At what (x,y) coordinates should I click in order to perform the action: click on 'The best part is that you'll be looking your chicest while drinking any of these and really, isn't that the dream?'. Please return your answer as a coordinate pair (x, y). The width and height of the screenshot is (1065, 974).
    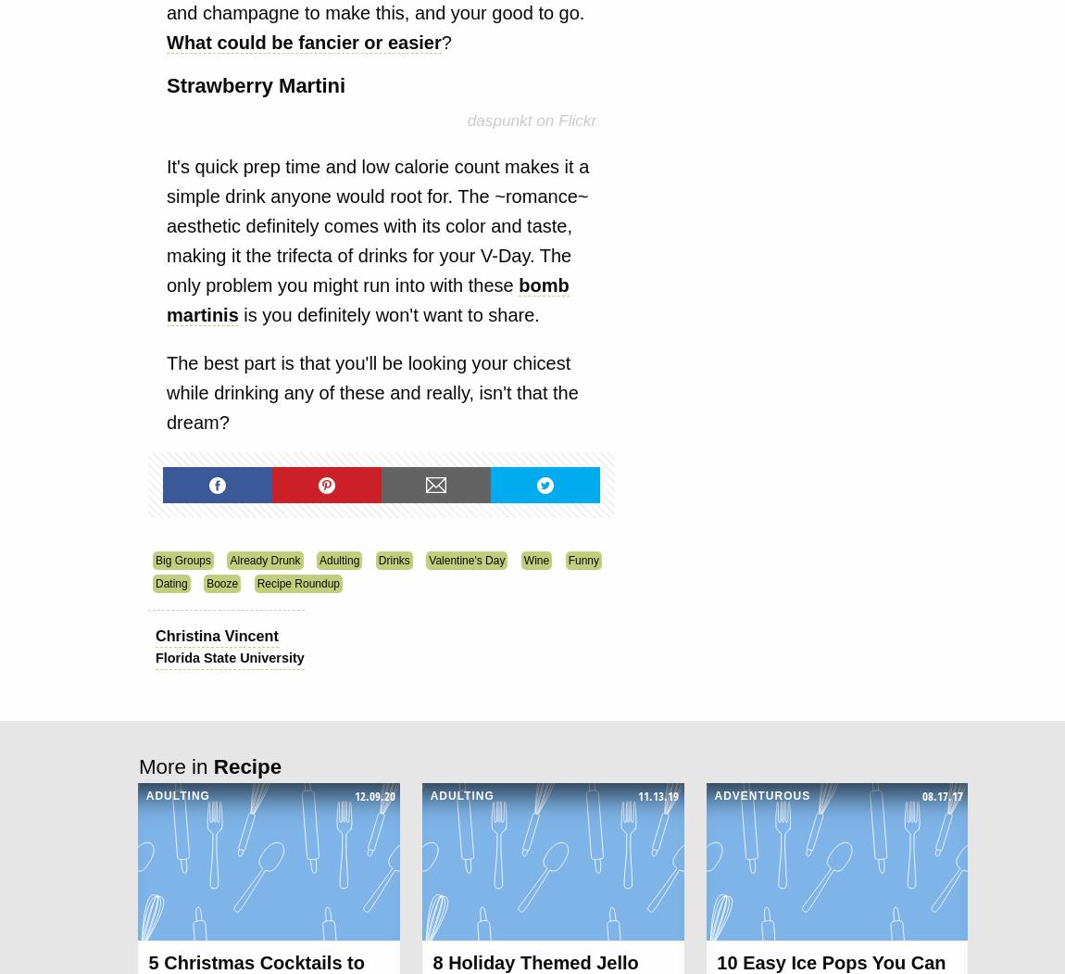
    Looking at the image, I should click on (372, 392).